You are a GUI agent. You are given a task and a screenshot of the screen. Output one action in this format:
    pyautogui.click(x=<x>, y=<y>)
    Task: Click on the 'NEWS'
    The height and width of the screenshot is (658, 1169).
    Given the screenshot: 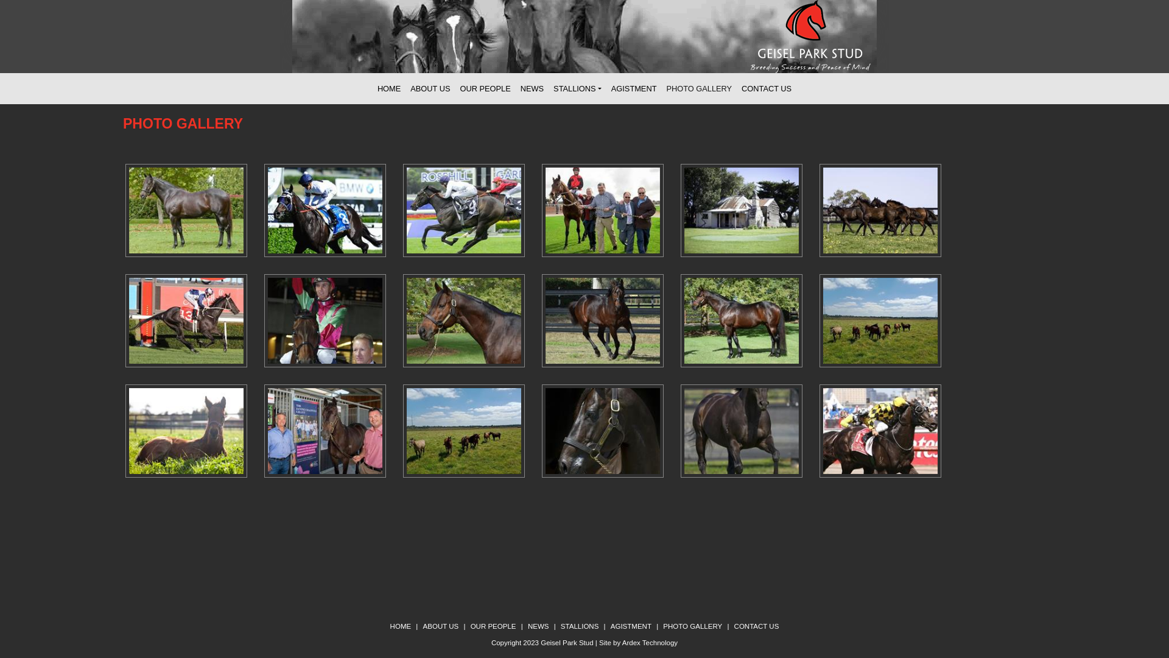 What is the action you would take?
    pyautogui.click(x=538, y=626)
    